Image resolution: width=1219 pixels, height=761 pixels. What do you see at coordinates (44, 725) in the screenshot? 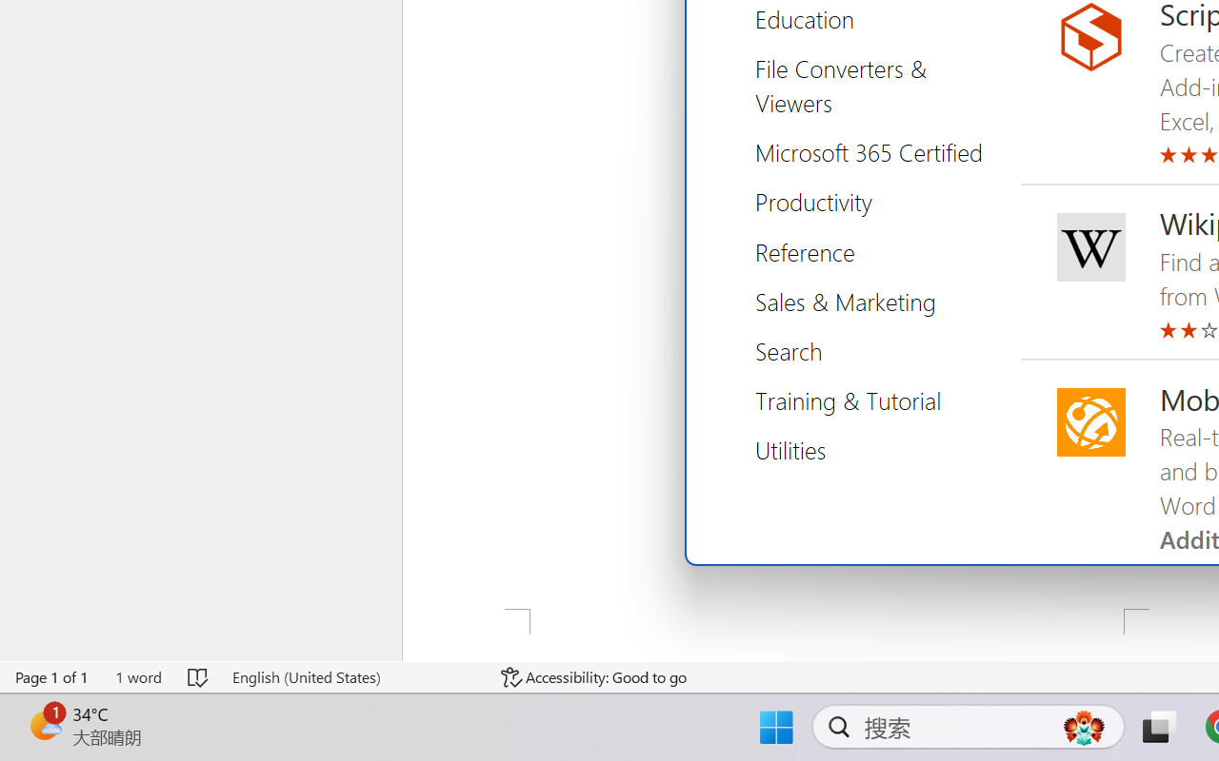
I see `'AutomationID: BadgeAnchorLargeTicker'` at bounding box center [44, 725].